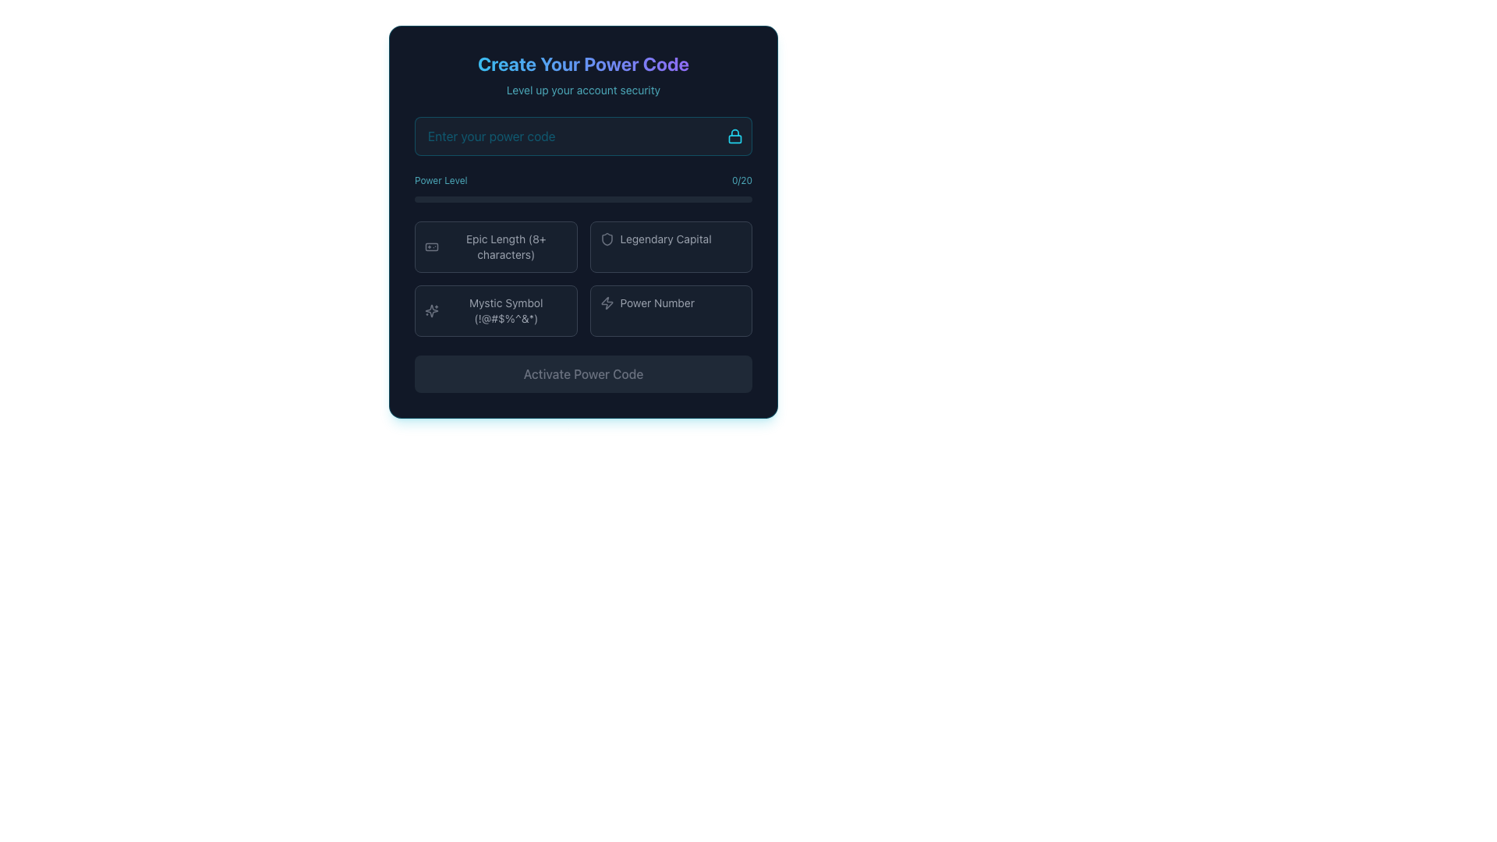  What do you see at coordinates (431, 246) in the screenshot?
I see `the gamepad icon, which is the first icon to the left in the 'Epic Length (8+ characters)' row within the 'Power Level' section` at bounding box center [431, 246].